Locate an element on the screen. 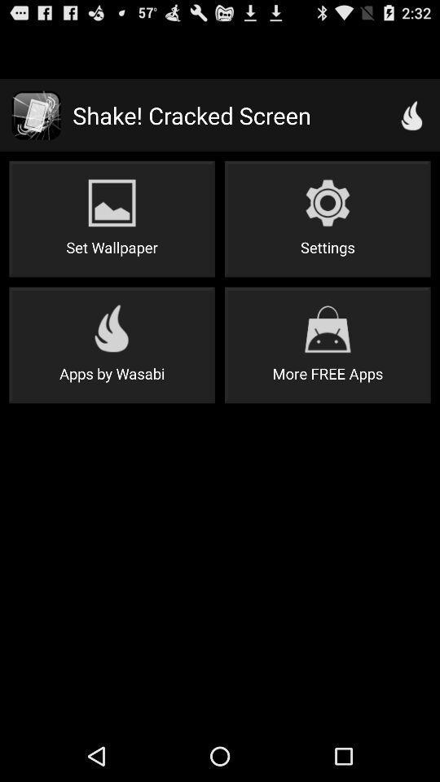 The image size is (440, 782). icon above apps by wasabi item is located at coordinates (111, 218).